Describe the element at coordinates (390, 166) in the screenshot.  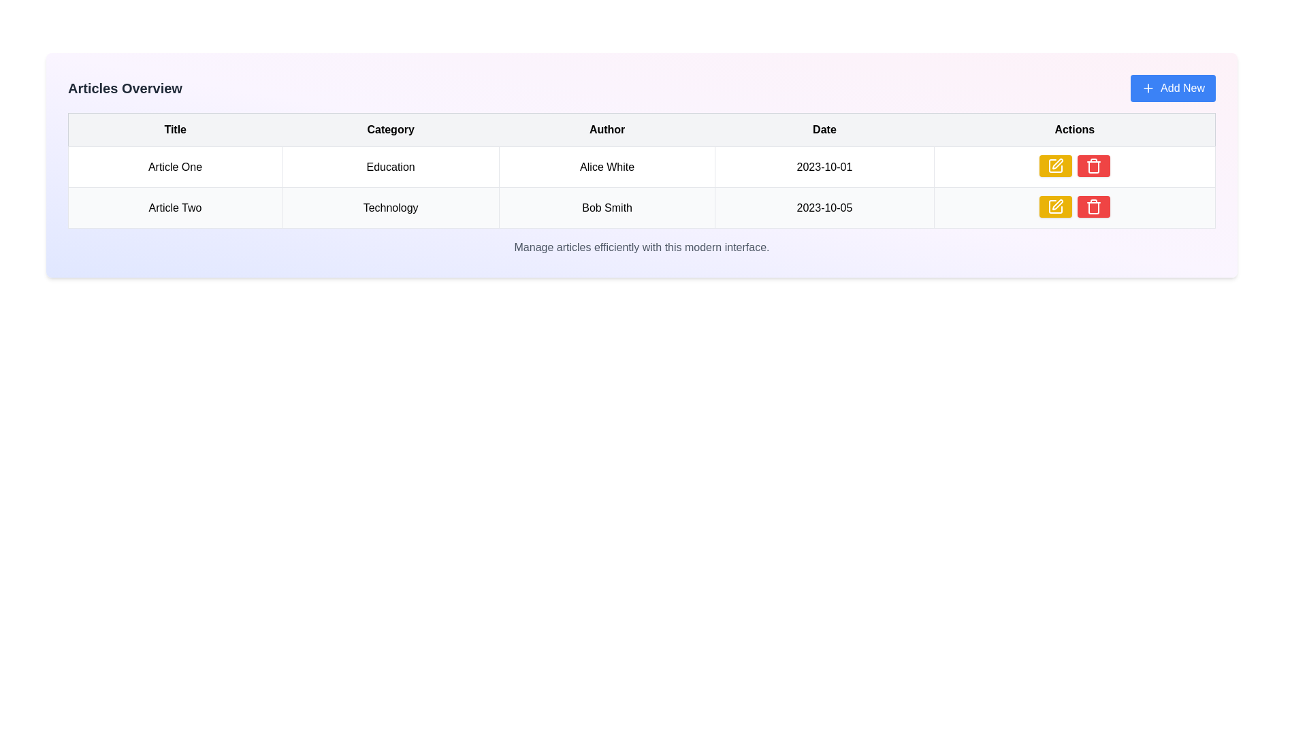
I see `the static text field displaying 'Education' located in the second column of the row that starts with 'Article One' in the table` at that location.